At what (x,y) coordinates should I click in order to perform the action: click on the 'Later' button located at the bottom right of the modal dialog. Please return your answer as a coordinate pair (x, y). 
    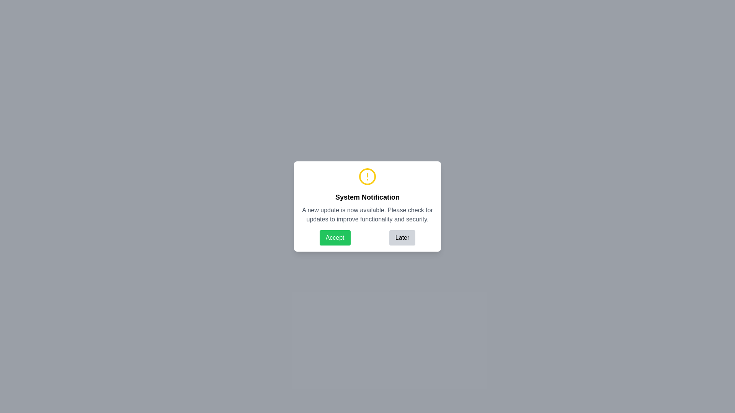
    Looking at the image, I should click on (402, 237).